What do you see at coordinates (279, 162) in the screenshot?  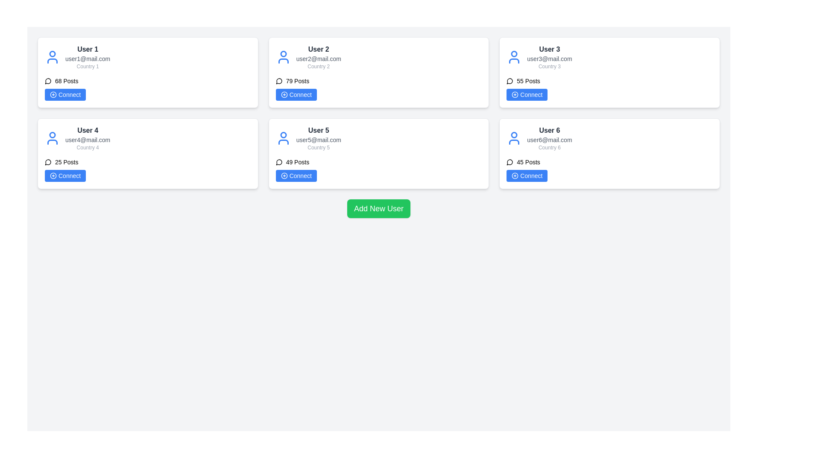 I see `the small speech bubble icon indicating the comment feature for 'User 5', located to the left of '49 Posts'` at bounding box center [279, 162].